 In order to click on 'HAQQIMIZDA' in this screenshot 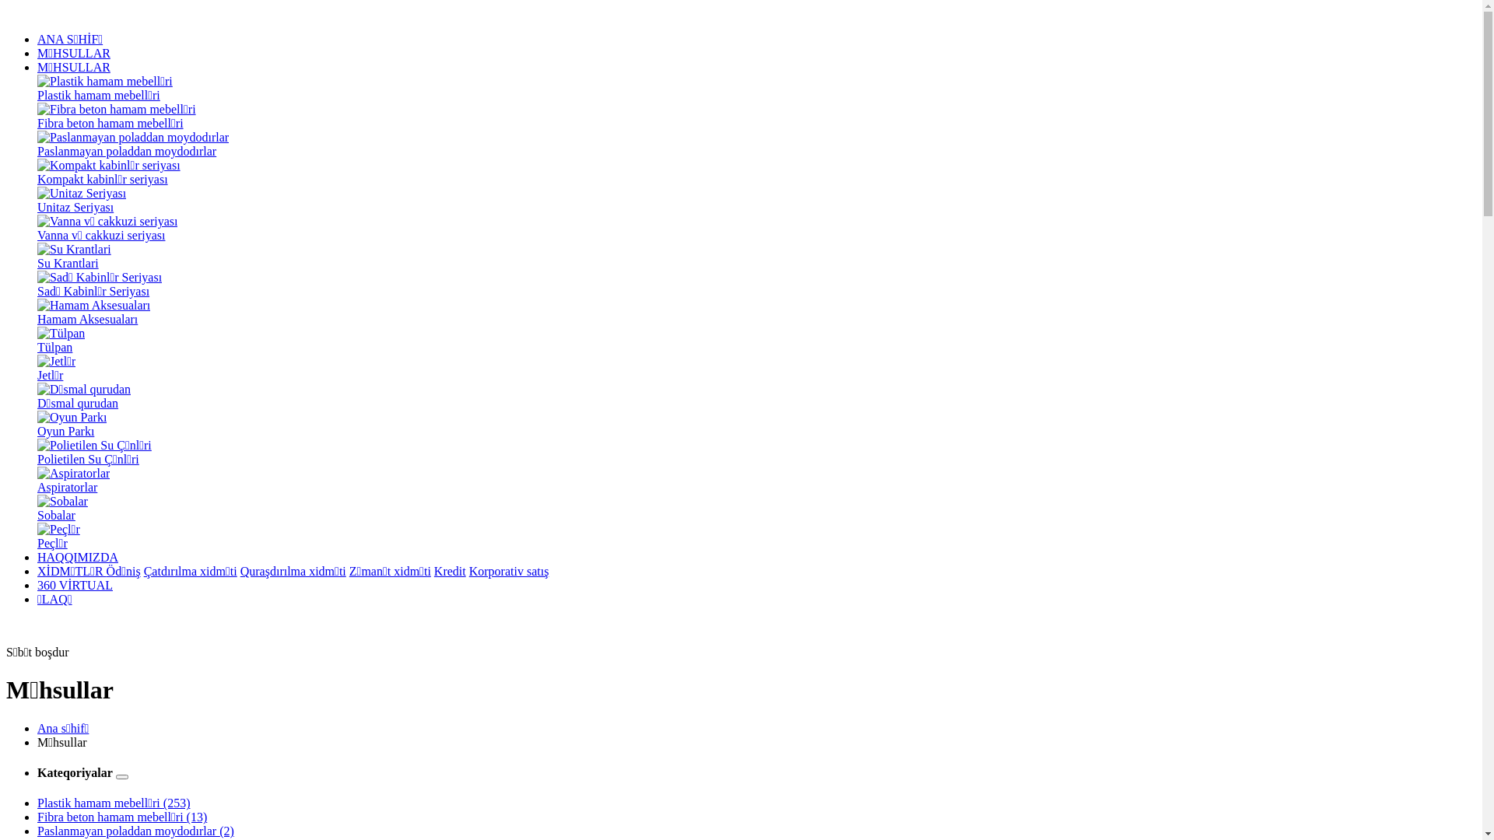, I will do `click(77, 556)`.